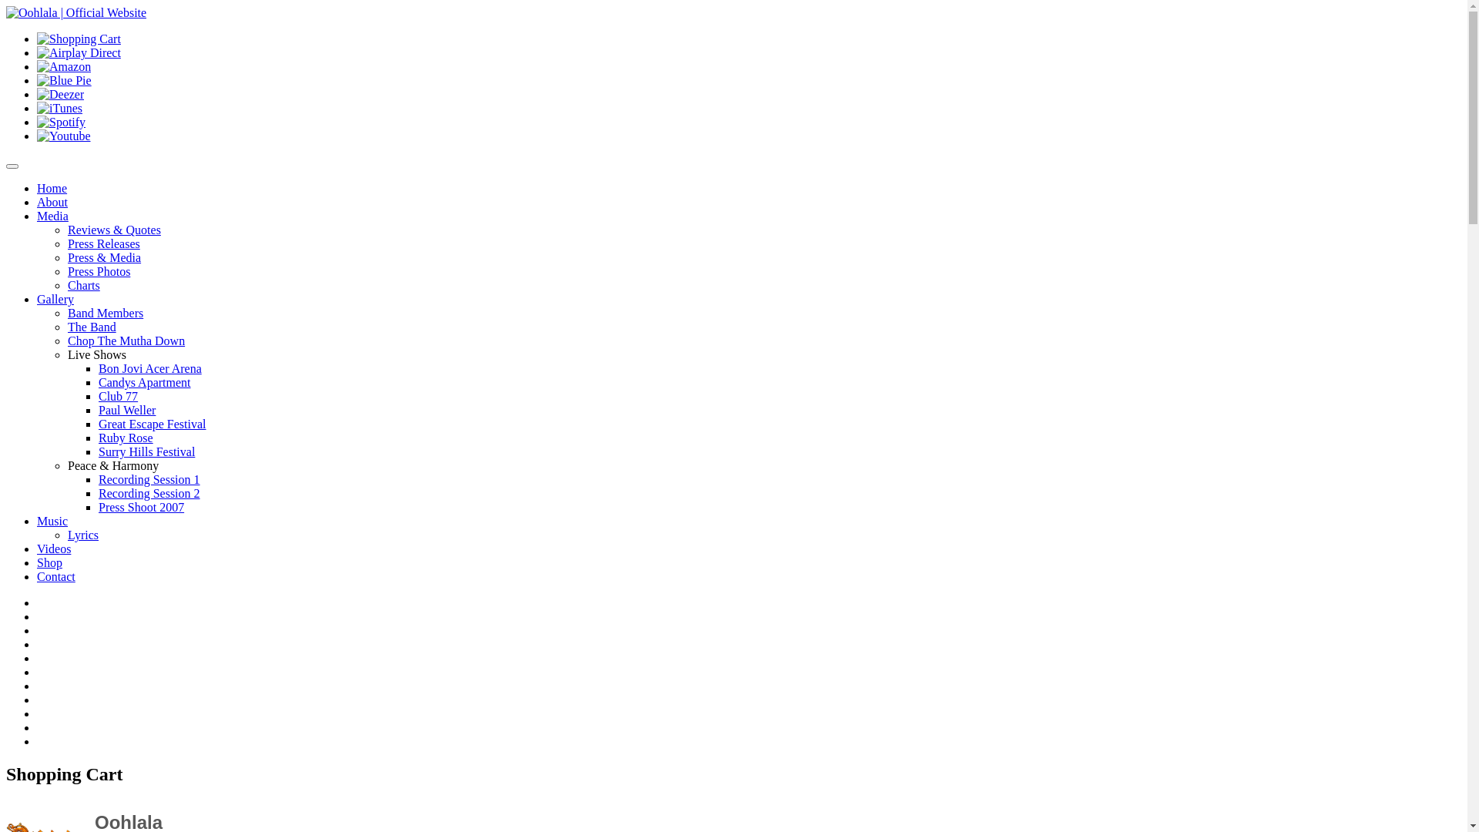  Describe the element at coordinates (117, 395) in the screenshot. I see `'Club 77'` at that location.